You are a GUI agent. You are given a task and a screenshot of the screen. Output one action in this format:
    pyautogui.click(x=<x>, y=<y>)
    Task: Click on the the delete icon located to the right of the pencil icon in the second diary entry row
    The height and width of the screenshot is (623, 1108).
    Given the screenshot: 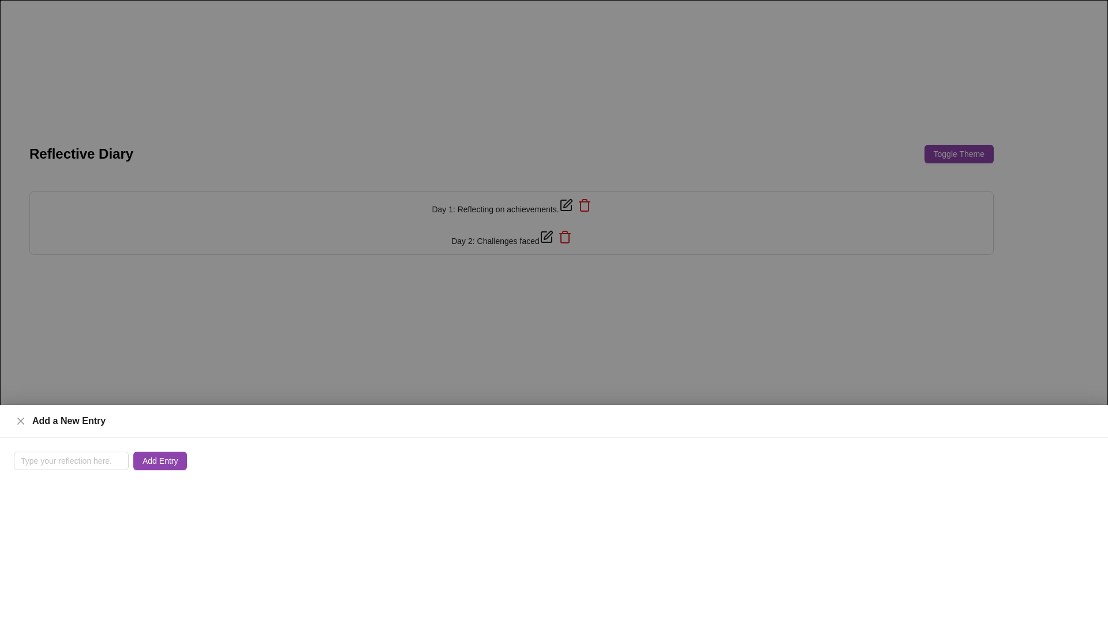 What is the action you would take?
    pyautogui.click(x=564, y=237)
    